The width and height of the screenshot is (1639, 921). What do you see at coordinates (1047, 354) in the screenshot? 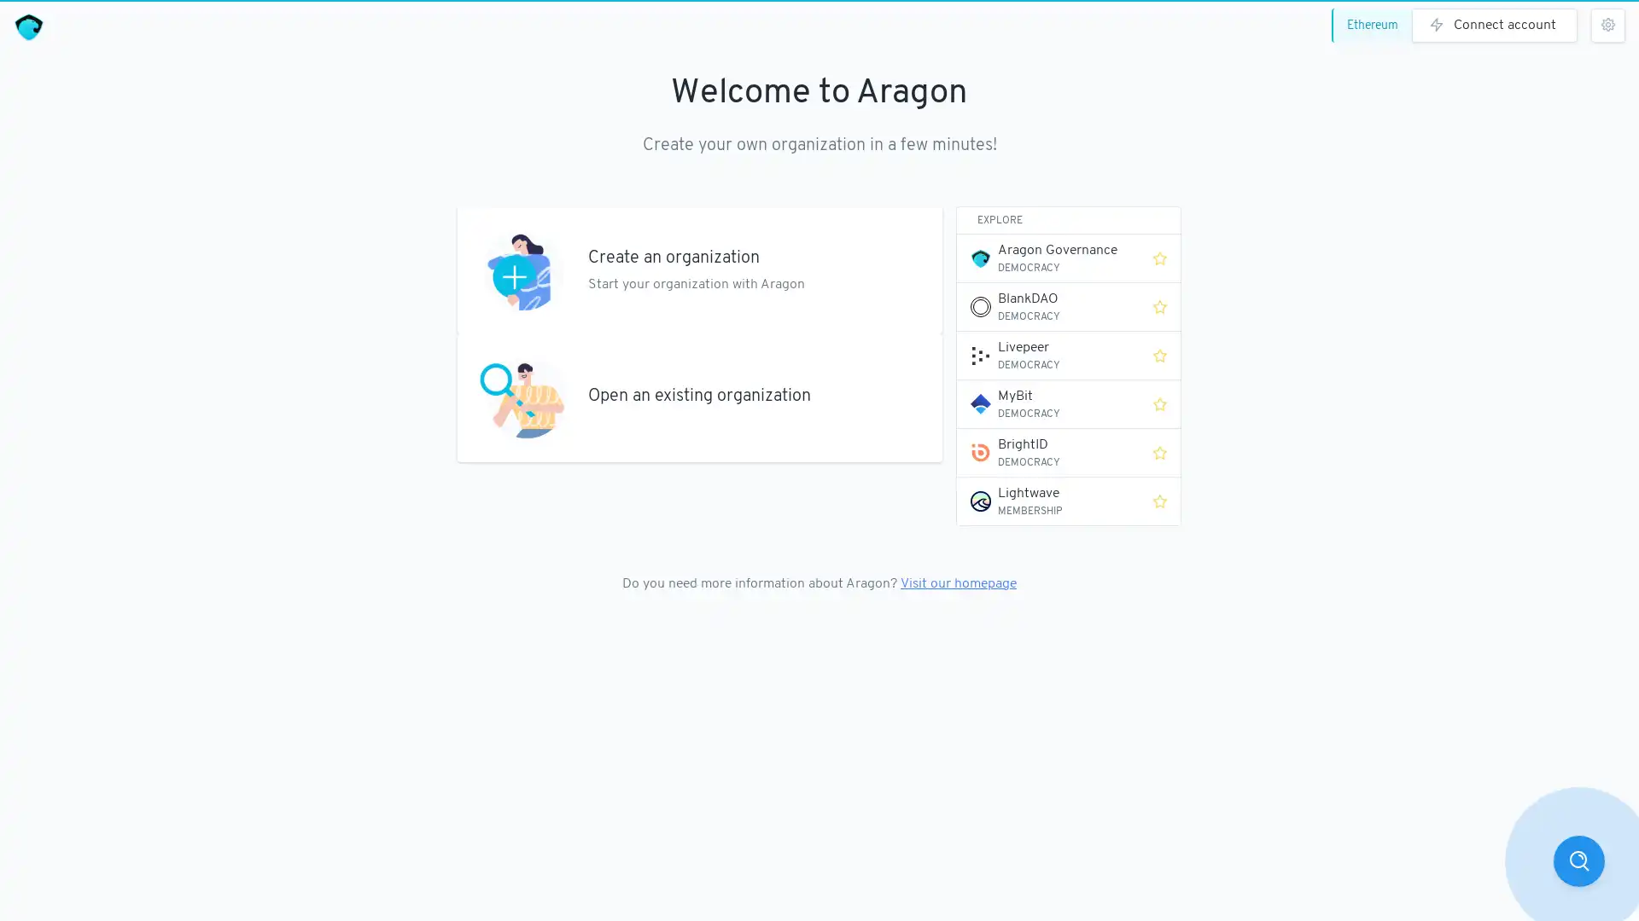
I see `Livepeer DEMOCRACY` at bounding box center [1047, 354].